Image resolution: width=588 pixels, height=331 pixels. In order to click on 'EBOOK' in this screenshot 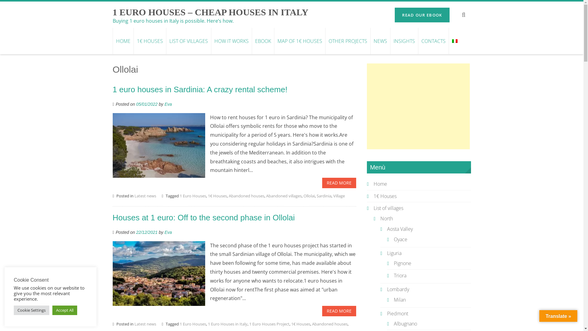, I will do `click(263, 41)`.